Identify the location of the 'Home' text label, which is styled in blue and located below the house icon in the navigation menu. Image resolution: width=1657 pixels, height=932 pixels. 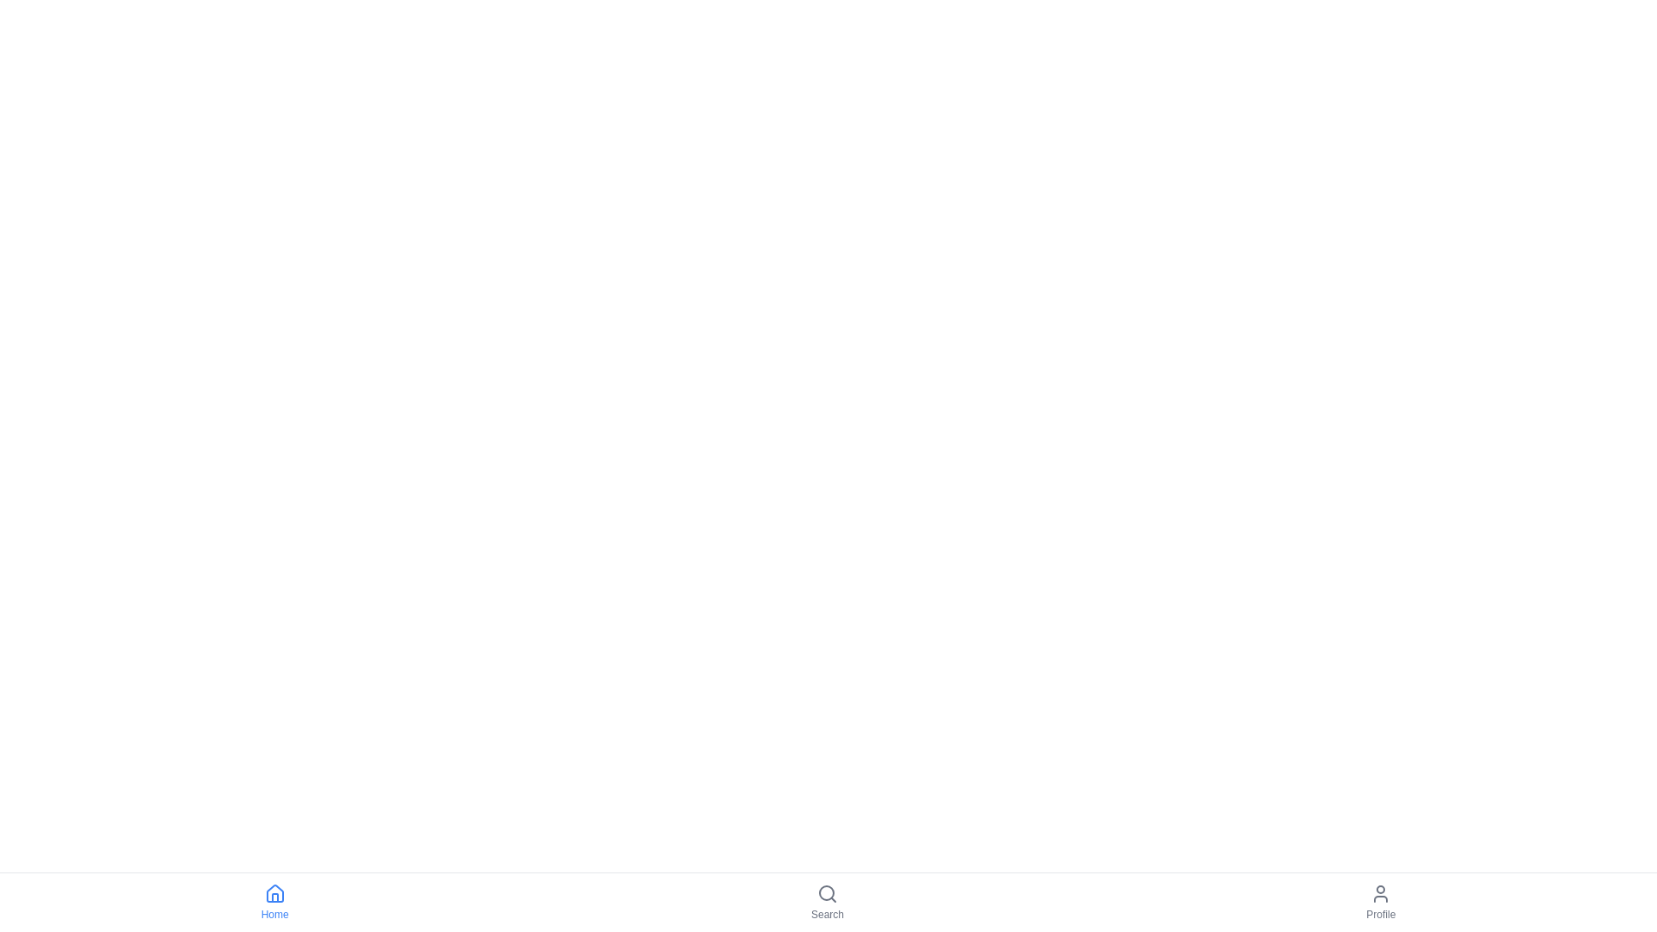
(274, 914).